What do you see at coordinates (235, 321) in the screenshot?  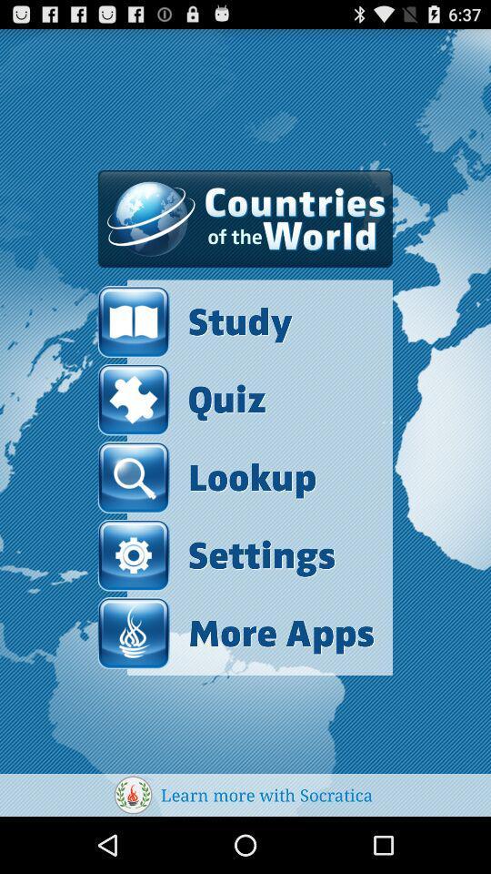 I see `the study icon` at bounding box center [235, 321].